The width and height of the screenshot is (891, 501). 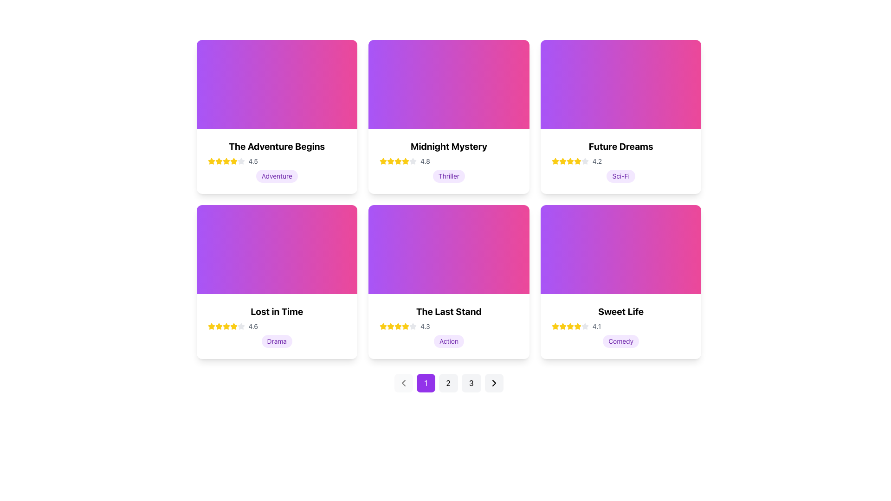 What do you see at coordinates (412, 325) in the screenshot?
I see `the third star icon in the five-star rating system below the movie card titled 'The Last Stand' to interact with it and potentially adjust the rating` at bounding box center [412, 325].